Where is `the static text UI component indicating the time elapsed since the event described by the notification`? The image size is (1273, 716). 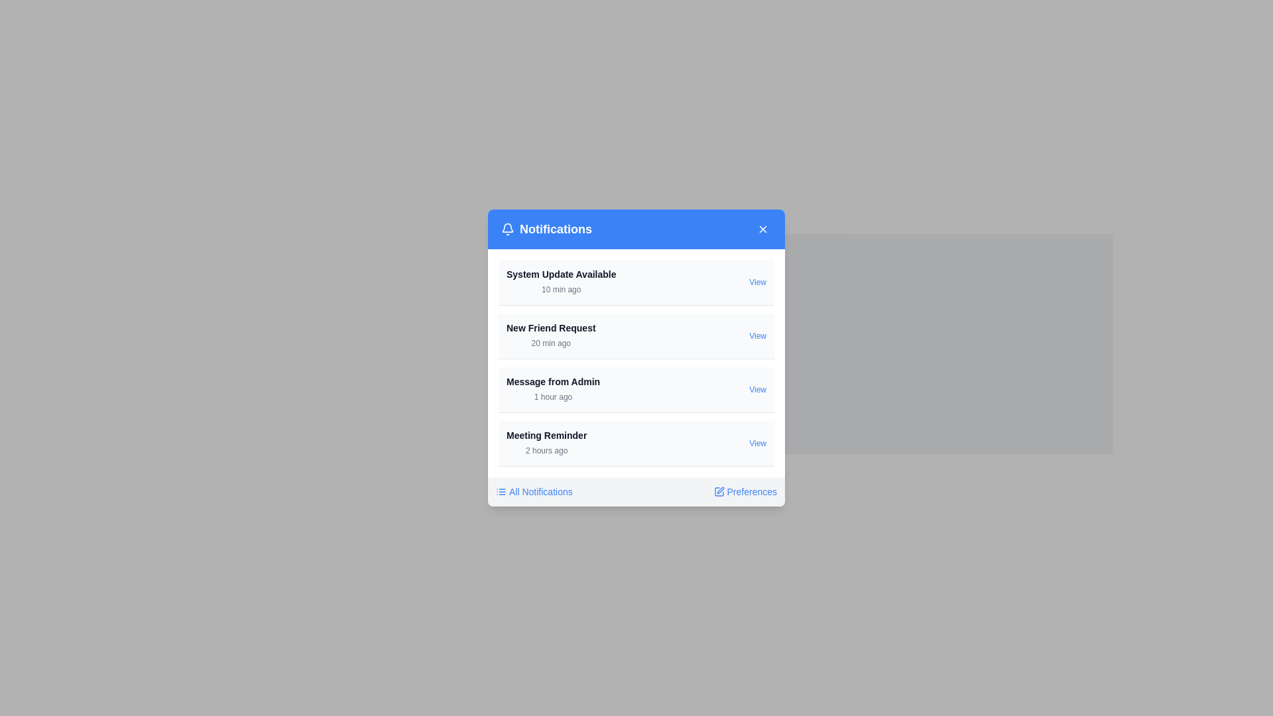
the static text UI component indicating the time elapsed since the event described by the notification is located at coordinates (561, 288).